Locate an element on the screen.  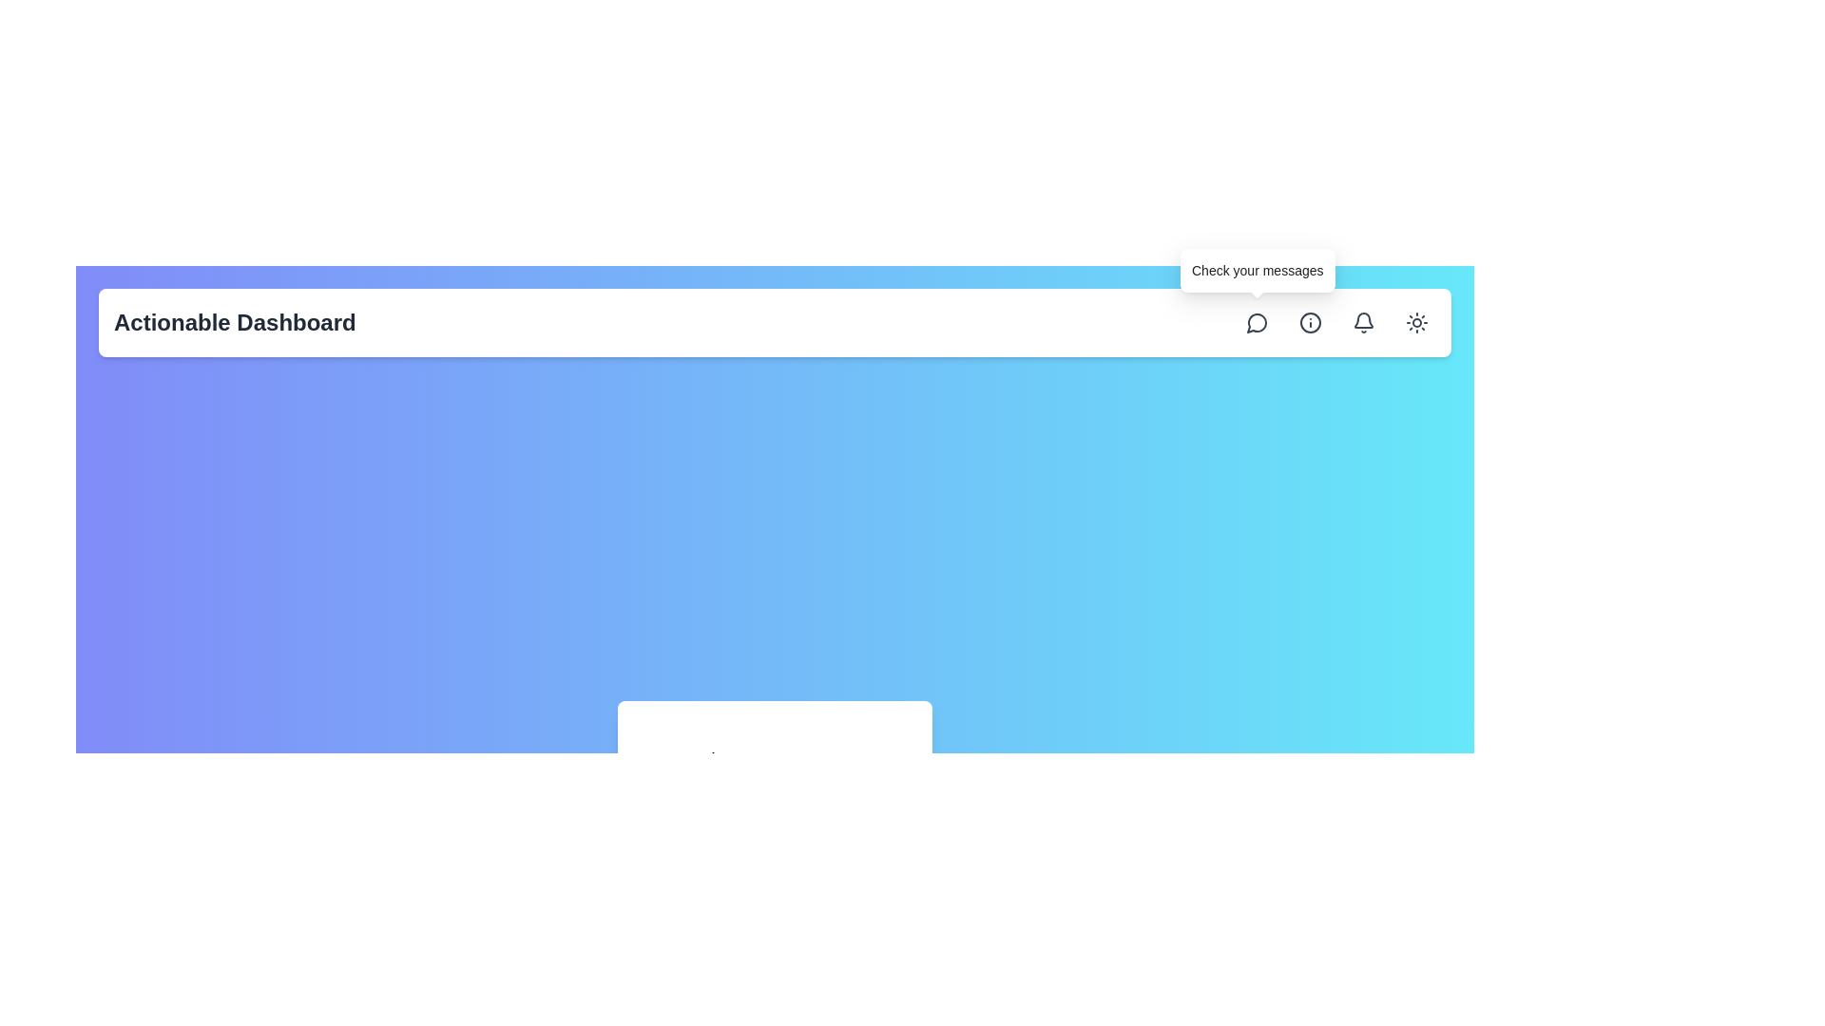
the sun-shaped icon located on the right side of the horizontal toolbar is located at coordinates (1417, 321).